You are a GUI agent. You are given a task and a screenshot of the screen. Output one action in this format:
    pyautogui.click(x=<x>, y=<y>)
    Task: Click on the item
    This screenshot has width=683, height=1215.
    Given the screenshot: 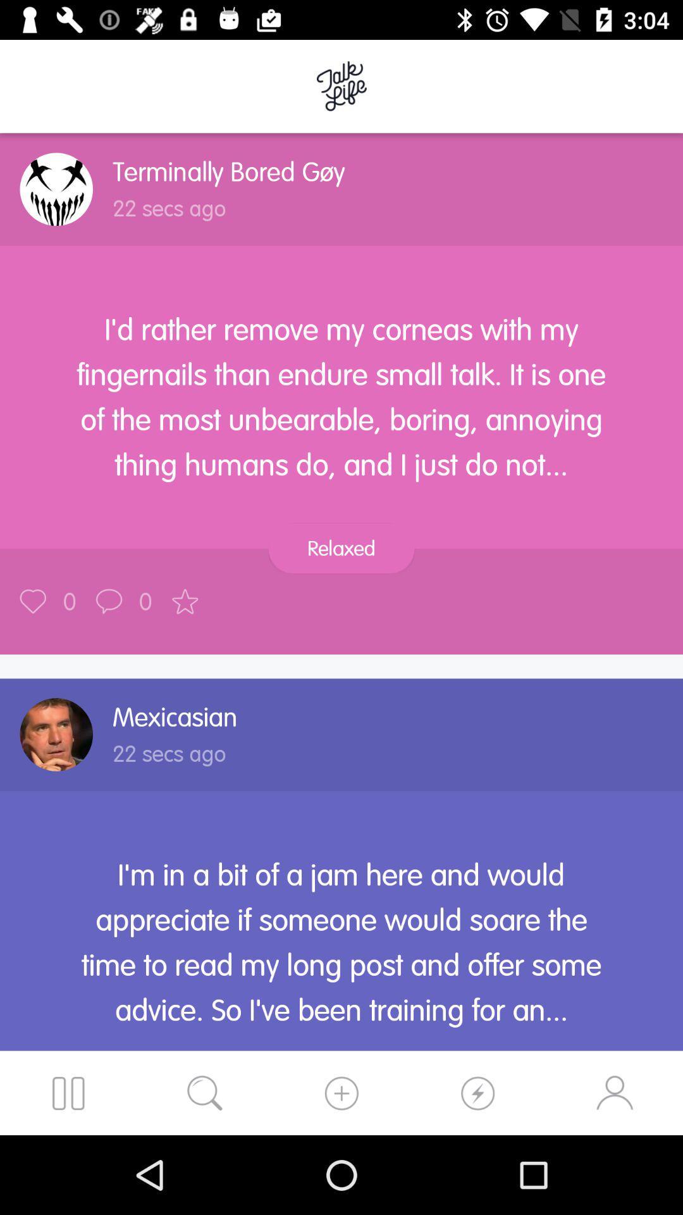 What is the action you would take?
    pyautogui.click(x=185, y=601)
    